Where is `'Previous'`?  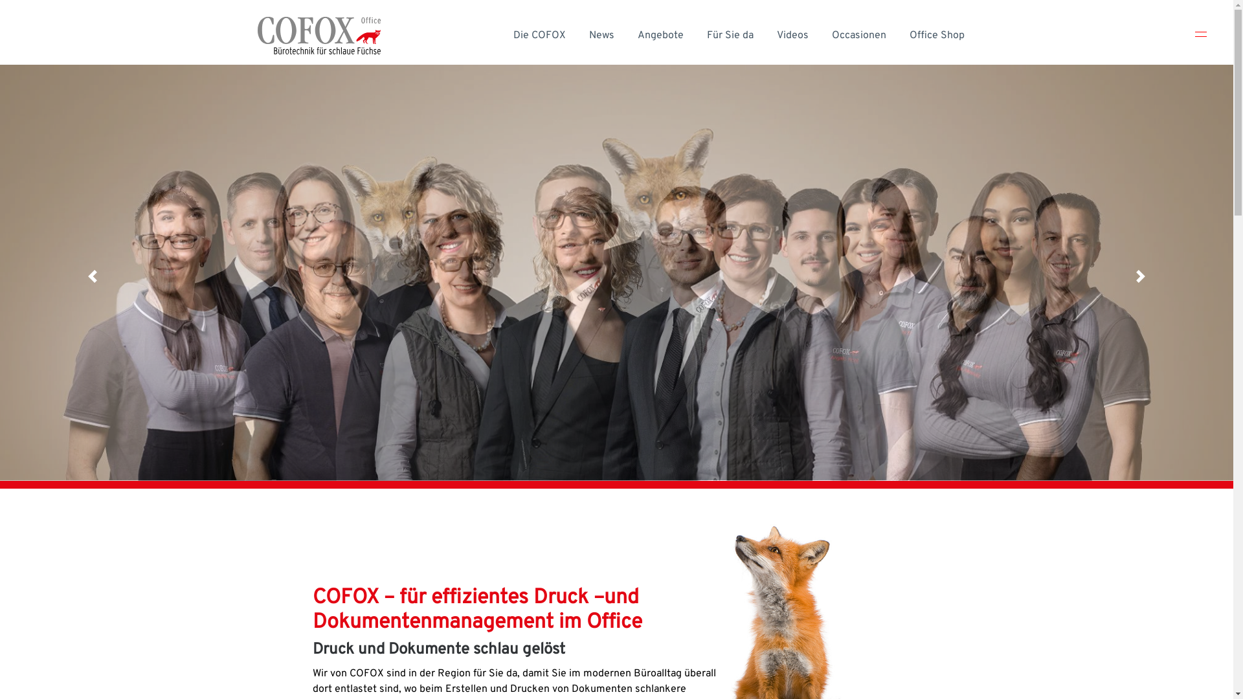
'Previous' is located at coordinates (92, 276).